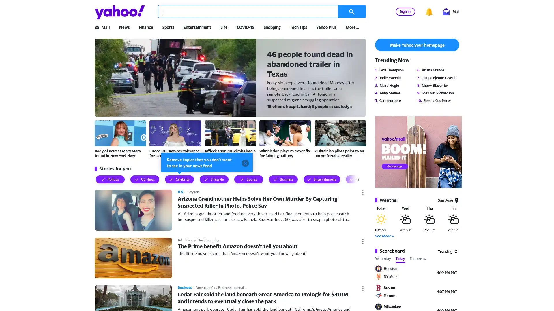  Describe the element at coordinates (383, 259) in the screenshot. I see `Yesterday` at that location.